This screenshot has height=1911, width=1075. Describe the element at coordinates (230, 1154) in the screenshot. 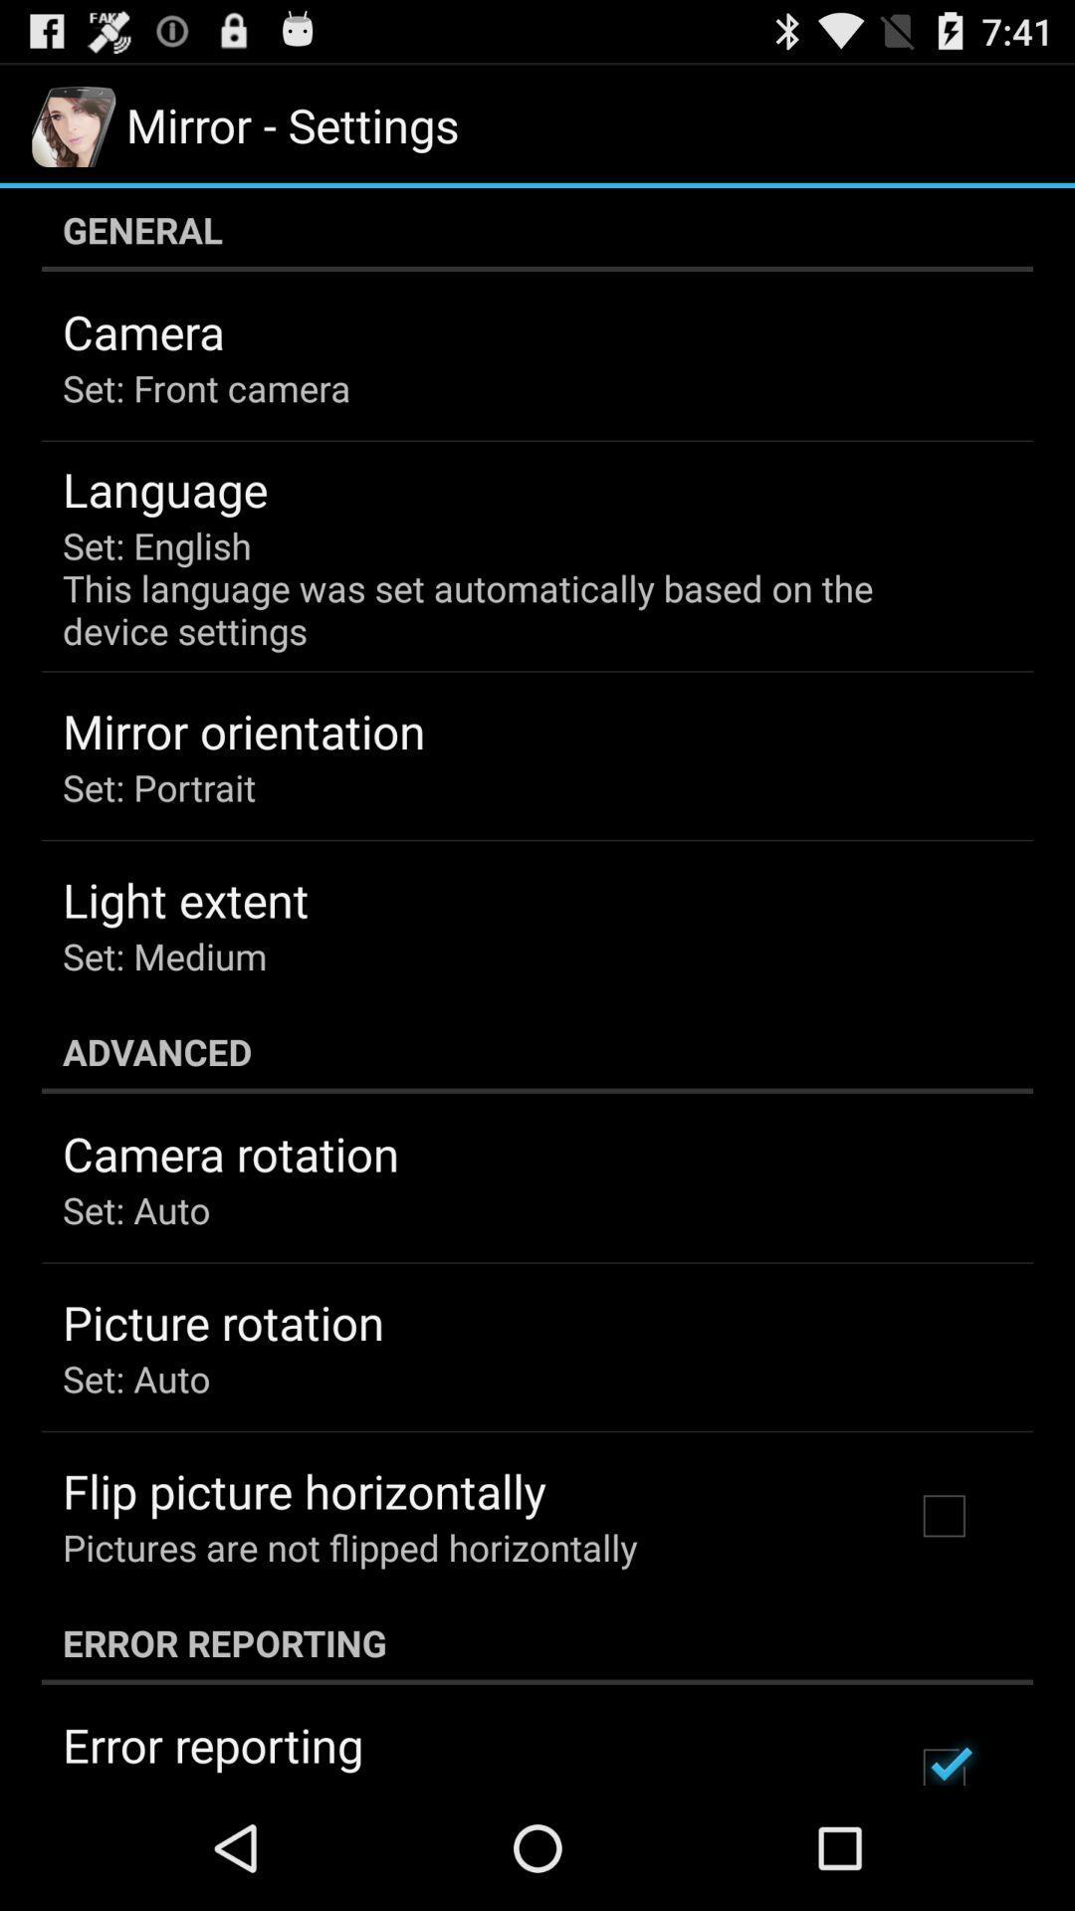

I see `the camera rotation app` at that location.